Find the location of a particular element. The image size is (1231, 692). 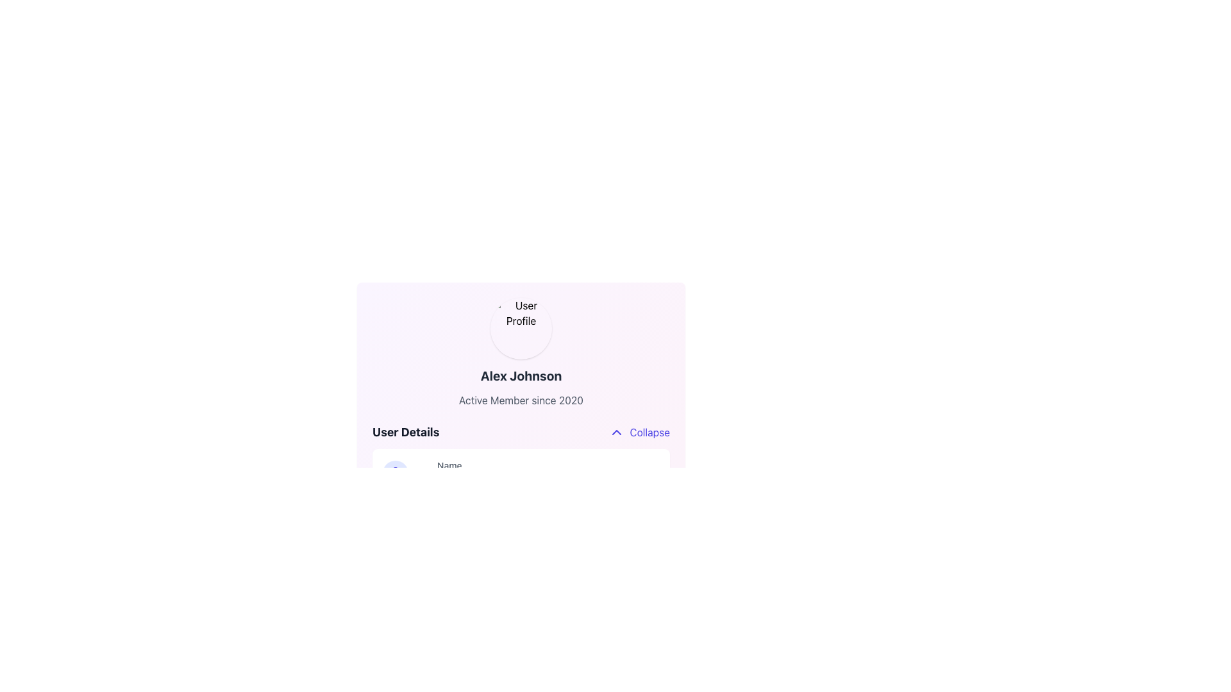

the interactive text link with an icon located in the top-right corner of the header section adjacent to the 'User Details' title is located at coordinates (639, 432).